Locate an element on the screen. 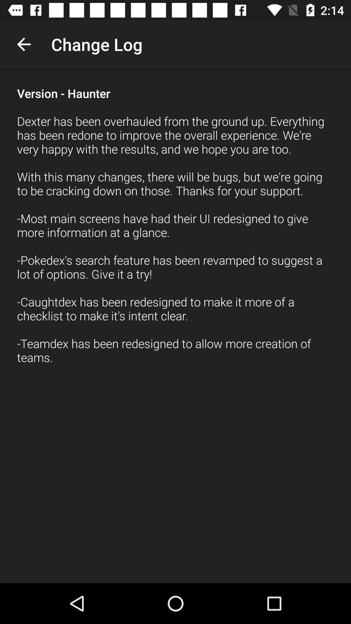 Image resolution: width=351 pixels, height=624 pixels. the item to the left of the change log is located at coordinates (23, 44).